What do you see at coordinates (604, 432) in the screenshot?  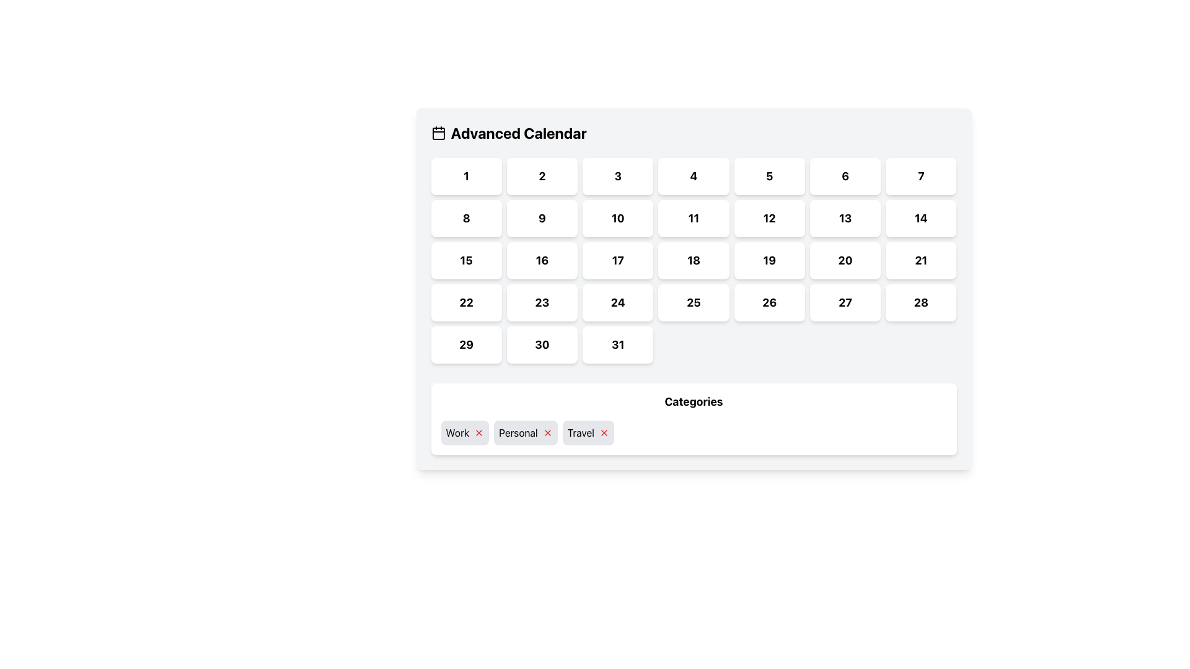 I see `the close button located to the immediate right of the 'Travel' label in the 'Categories' section` at bounding box center [604, 432].